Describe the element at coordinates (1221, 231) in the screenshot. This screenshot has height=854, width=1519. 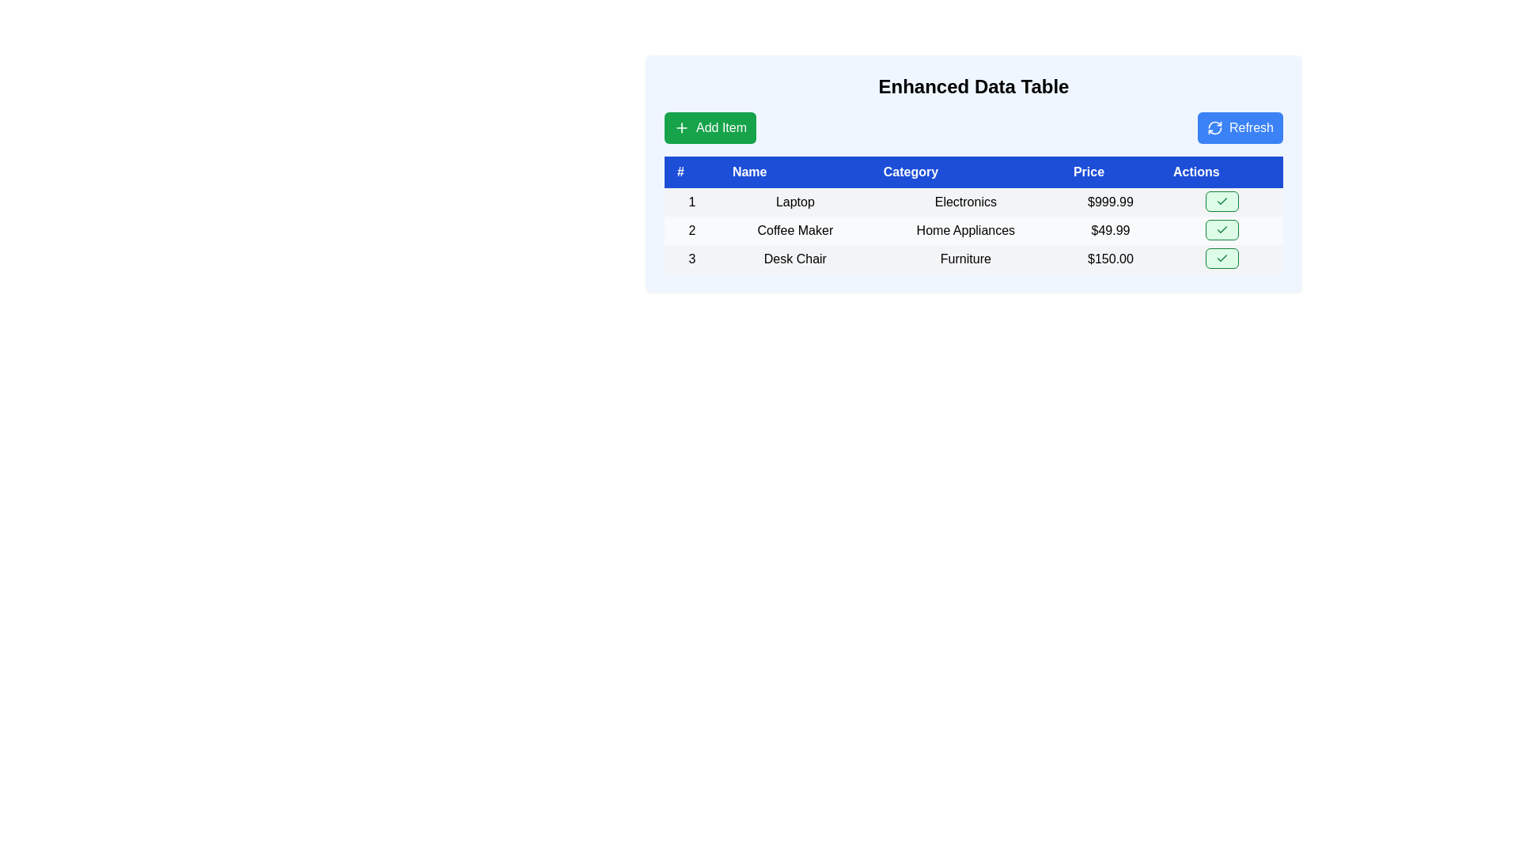
I see `the confirm button for the 'Coffee Maker' item located in the 'Actions' column of the table, which is the fifth button in its row` at that location.